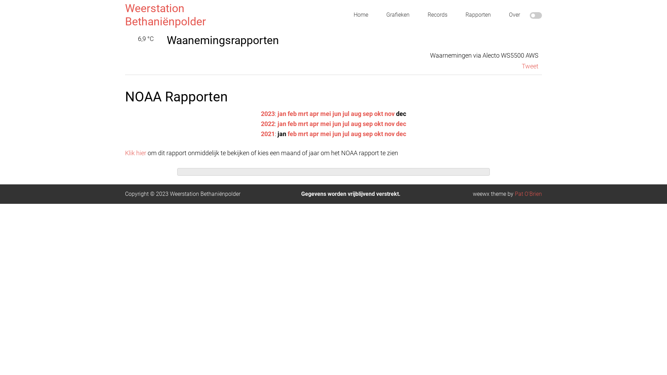 This screenshot has width=667, height=375. What do you see at coordinates (356, 113) in the screenshot?
I see `'aug'` at bounding box center [356, 113].